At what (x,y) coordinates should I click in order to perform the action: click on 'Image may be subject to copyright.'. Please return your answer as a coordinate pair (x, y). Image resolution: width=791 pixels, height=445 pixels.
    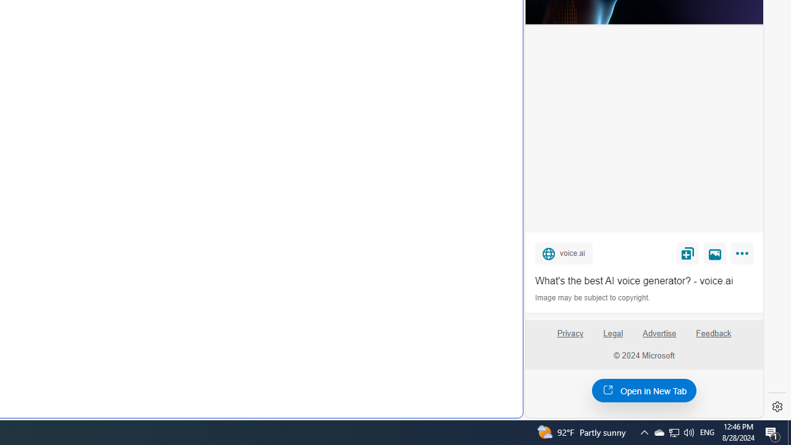
    Looking at the image, I should click on (593, 298).